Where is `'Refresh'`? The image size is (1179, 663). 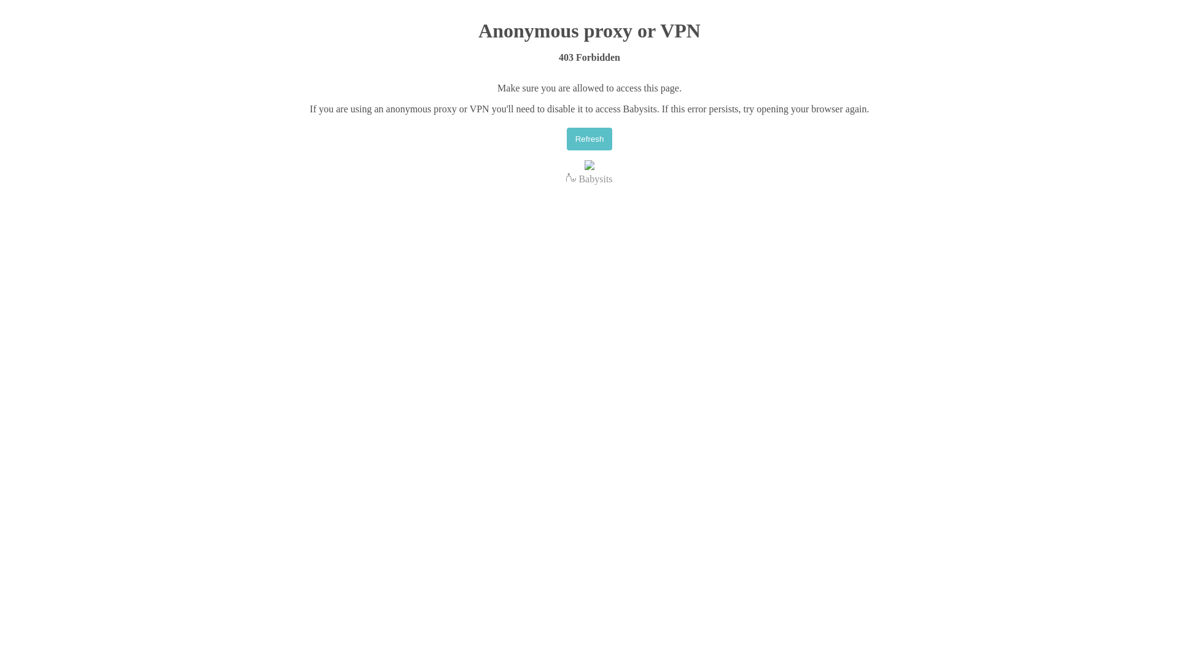 'Refresh' is located at coordinates (589, 138).